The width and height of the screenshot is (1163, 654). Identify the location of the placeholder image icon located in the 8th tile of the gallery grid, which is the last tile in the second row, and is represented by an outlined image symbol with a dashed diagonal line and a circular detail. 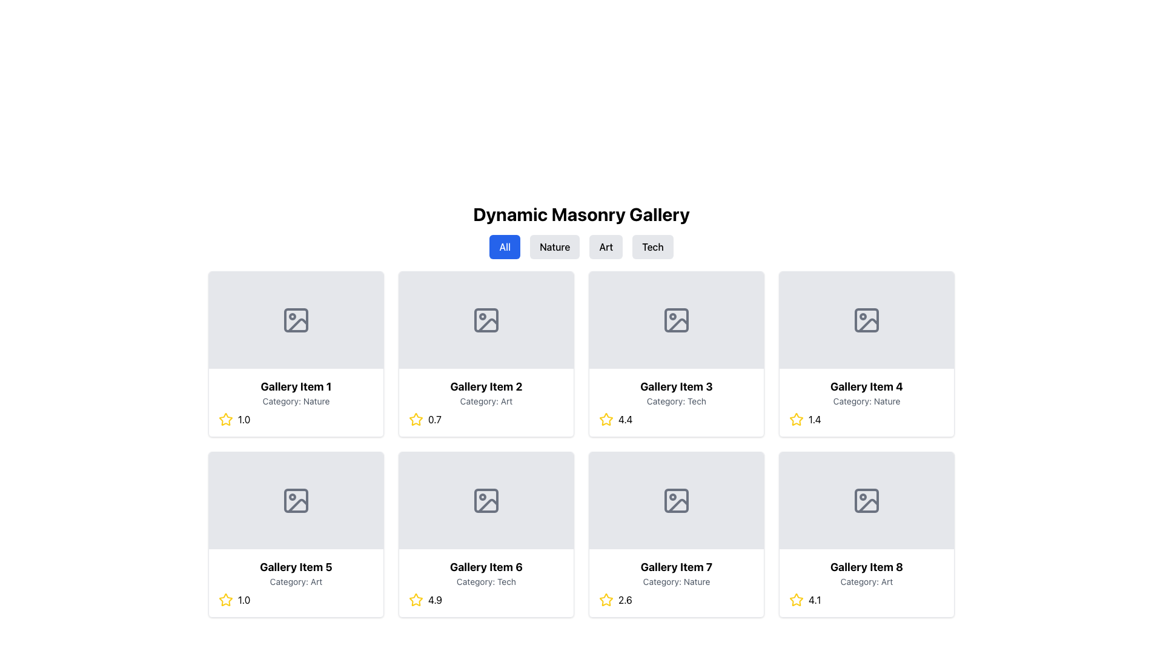
(866, 500).